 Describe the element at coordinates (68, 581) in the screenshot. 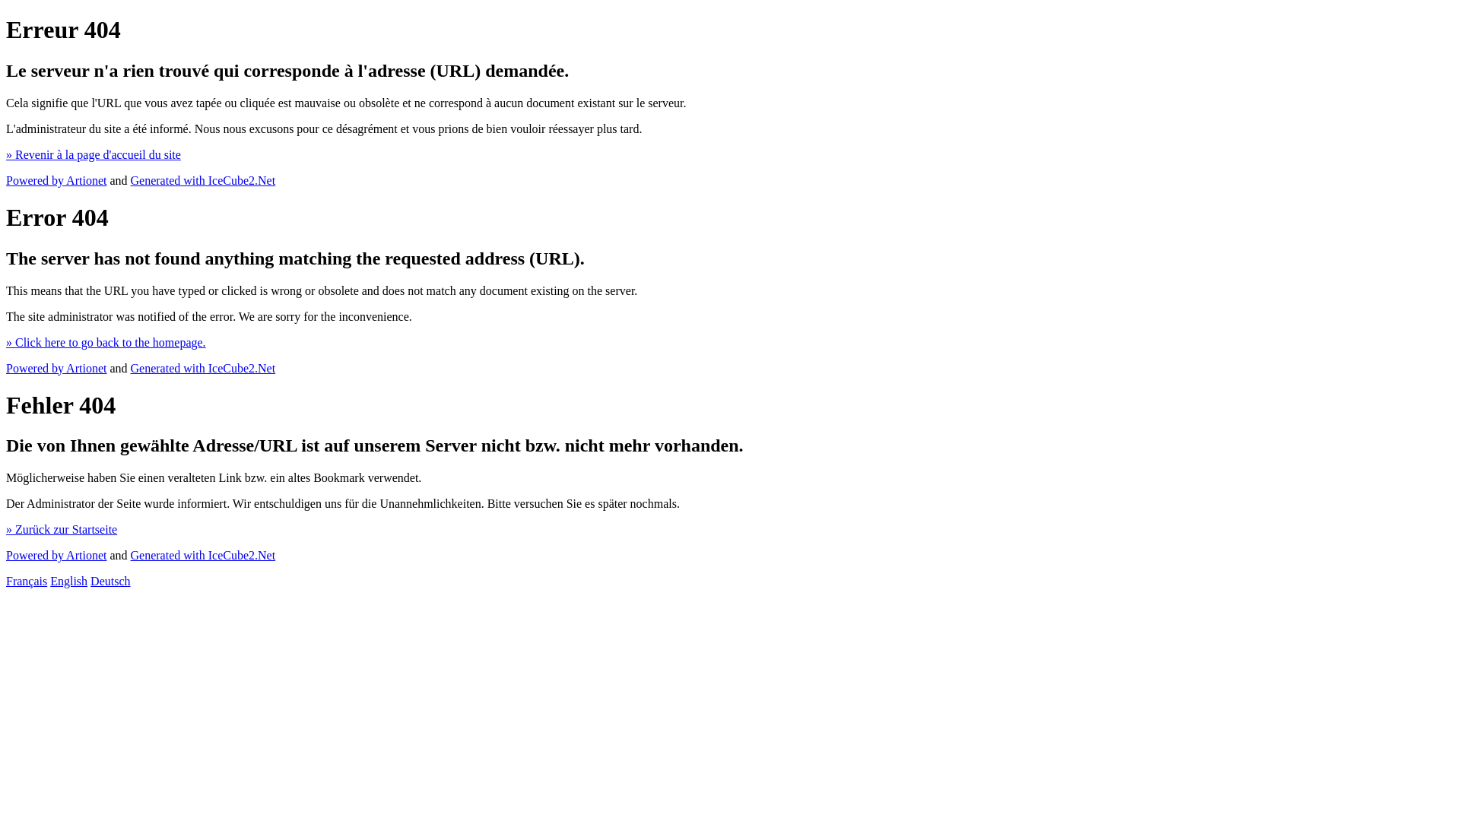

I see `'English'` at that location.